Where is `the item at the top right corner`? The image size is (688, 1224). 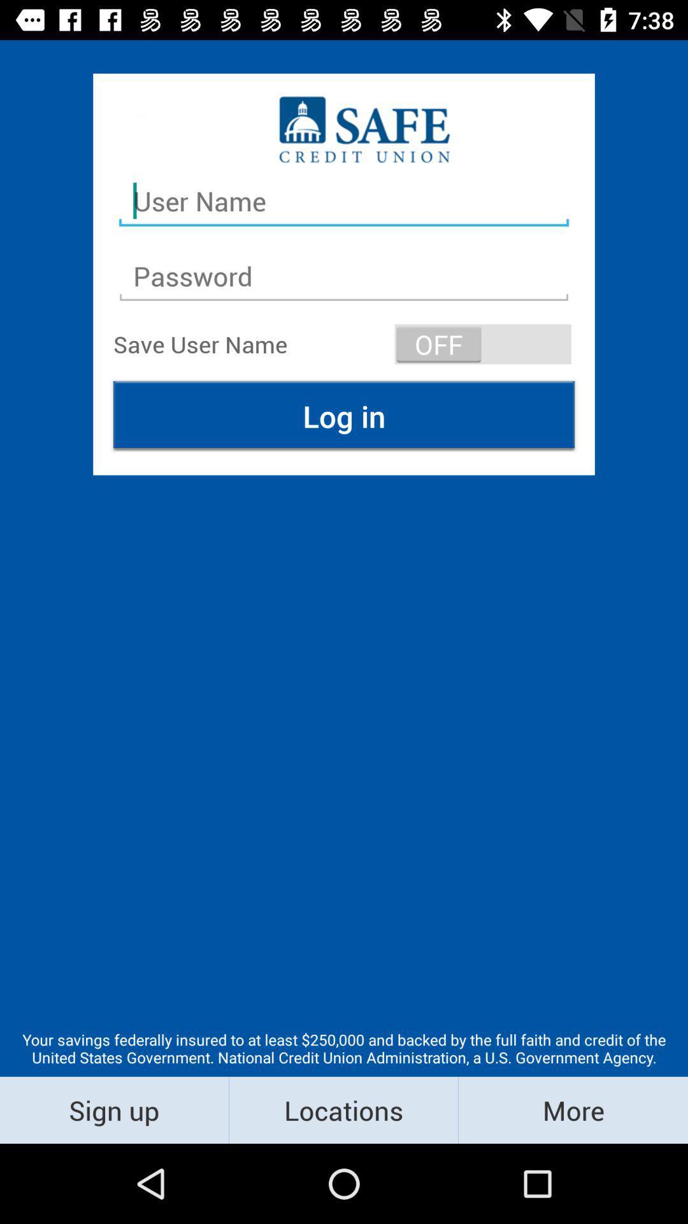
the item at the top right corner is located at coordinates (483, 344).